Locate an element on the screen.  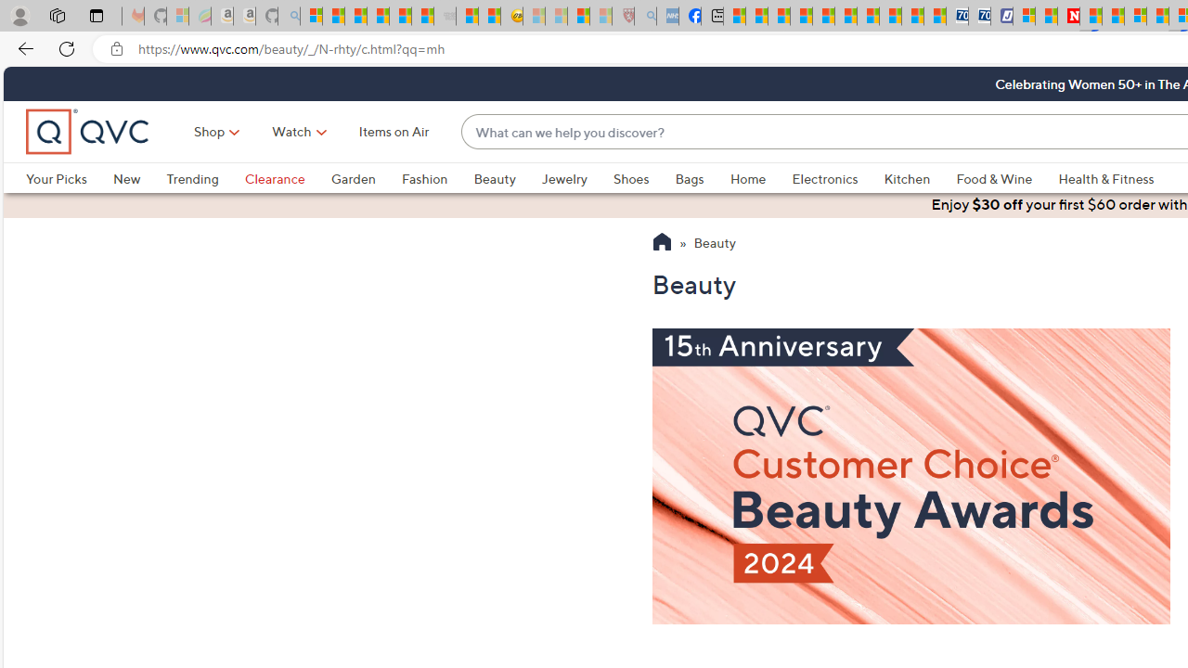
'Trusted Community Engagement and Contributions | Guidelines' is located at coordinates (1091, 16).